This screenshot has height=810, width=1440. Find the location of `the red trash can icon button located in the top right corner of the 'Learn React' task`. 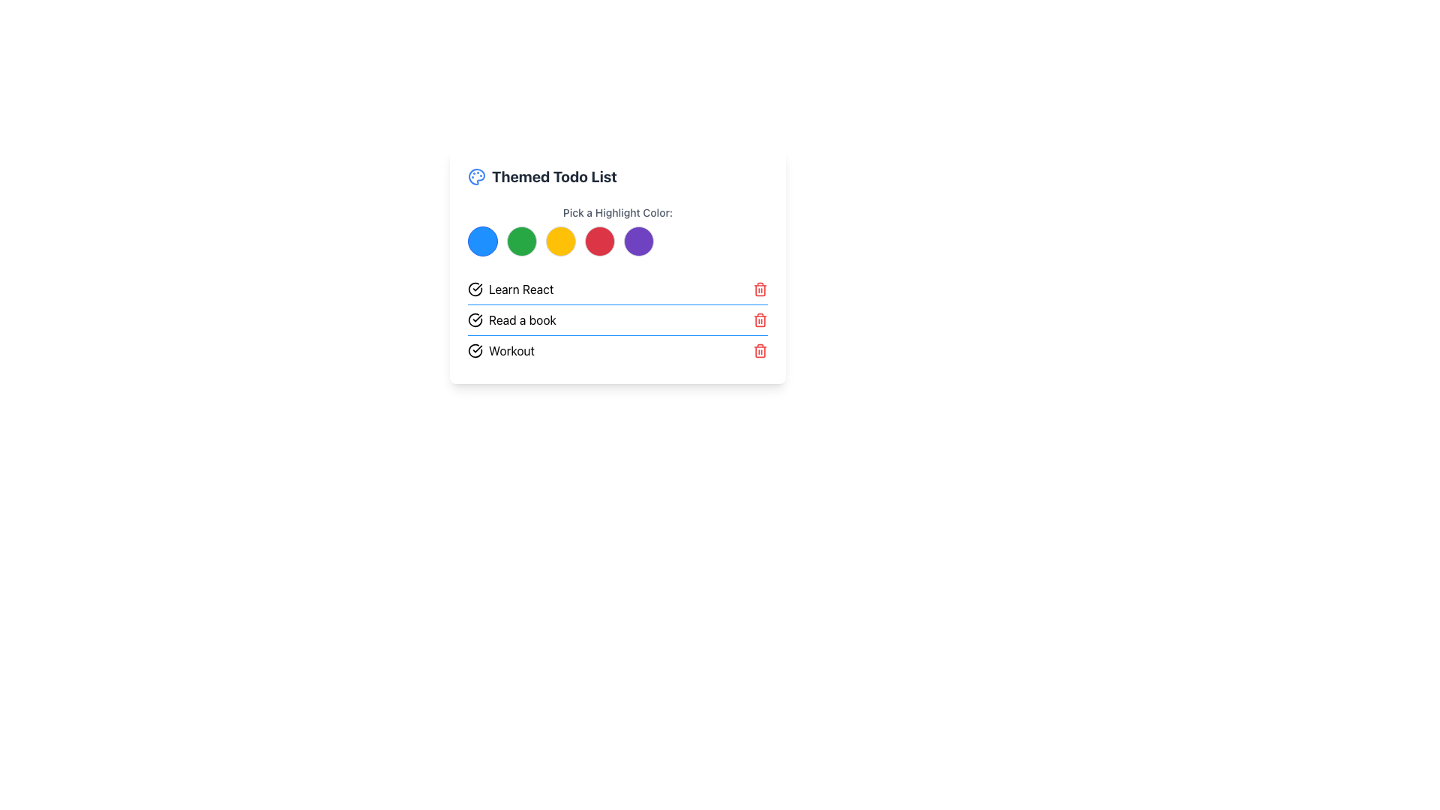

the red trash can icon button located in the top right corner of the 'Learn React' task is located at coordinates (760, 289).